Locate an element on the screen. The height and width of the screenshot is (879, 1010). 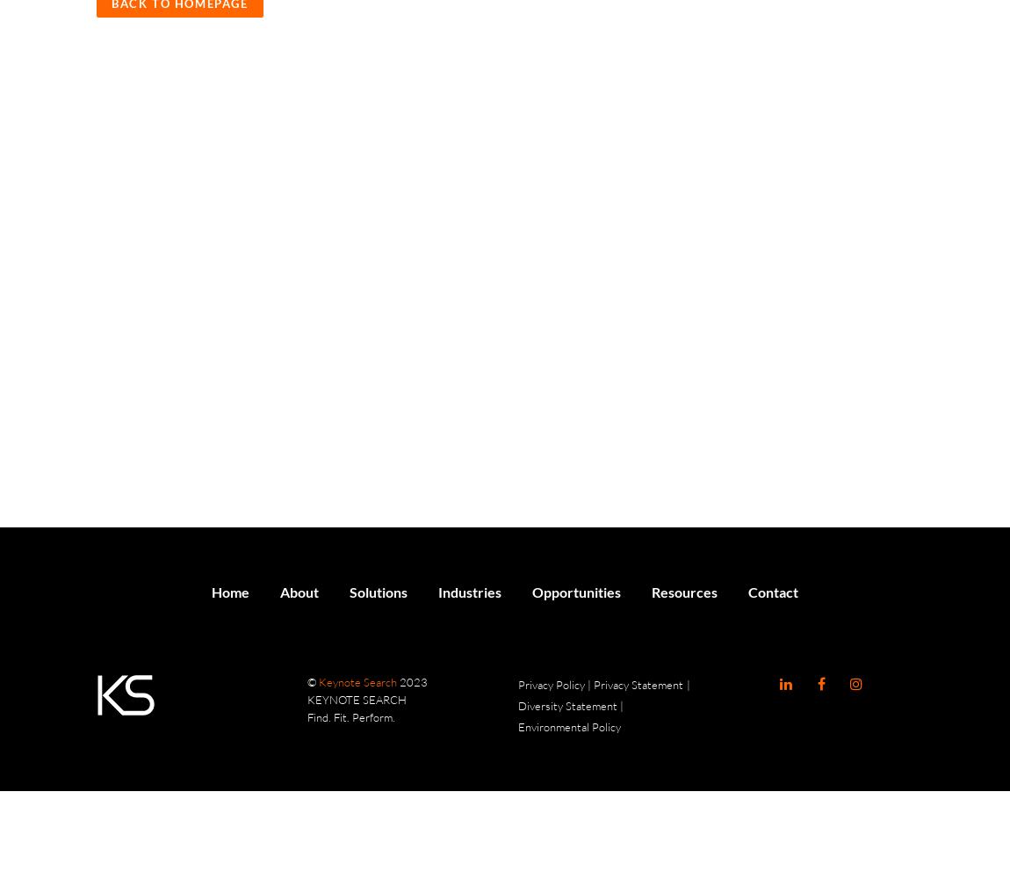
'2023' is located at coordinates (412, 682).